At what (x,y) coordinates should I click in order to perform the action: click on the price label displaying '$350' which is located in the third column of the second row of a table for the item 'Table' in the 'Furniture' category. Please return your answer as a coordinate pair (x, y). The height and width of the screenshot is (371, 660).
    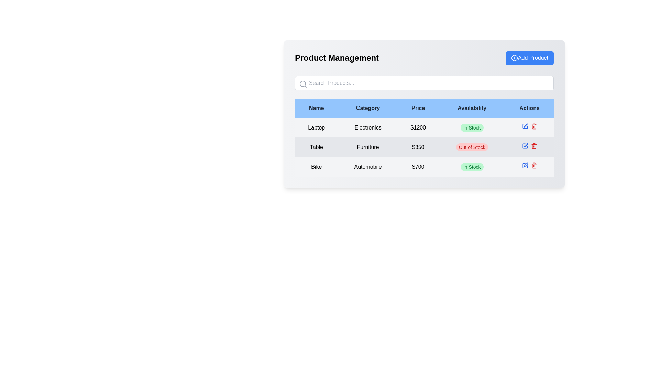
    Looking at the image, I should click on (418, 147).